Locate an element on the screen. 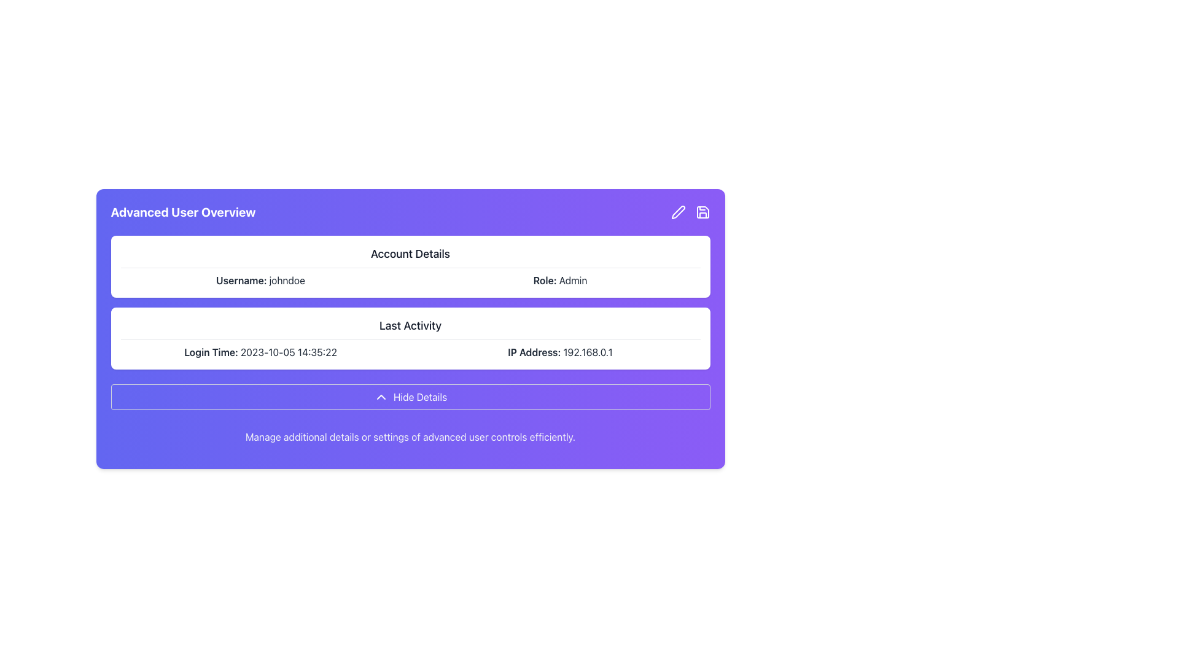 This screenshot has height=663, width=1179. the text label displaying 'IP Address:' located in the 'Last Activity' section, positioned to the left of the IP address value '192.168.0.1' is located at coordinates (535, 352).